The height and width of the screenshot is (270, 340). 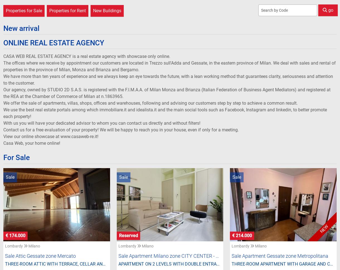 I want to click on '€ 1.800', so click(x=244, y=224).